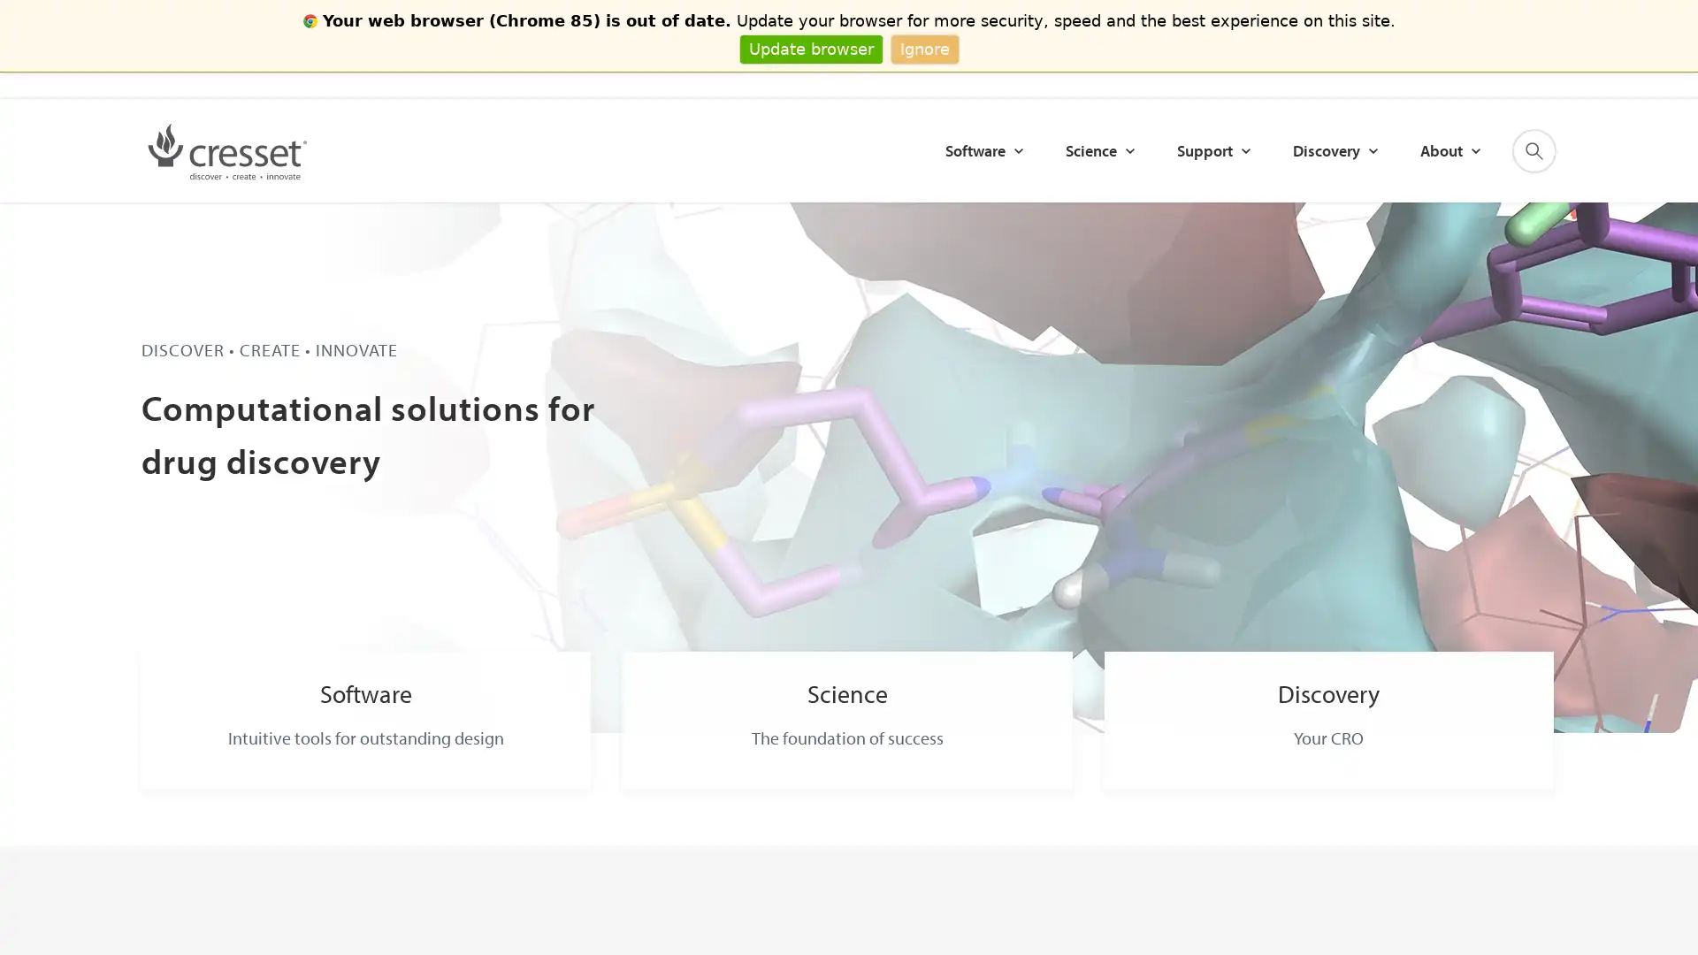 This screenshot has width=1698, height=955. Describe the element at coordinates (1403, 157) in the screenshot. I see `Press enter to search` at that location.